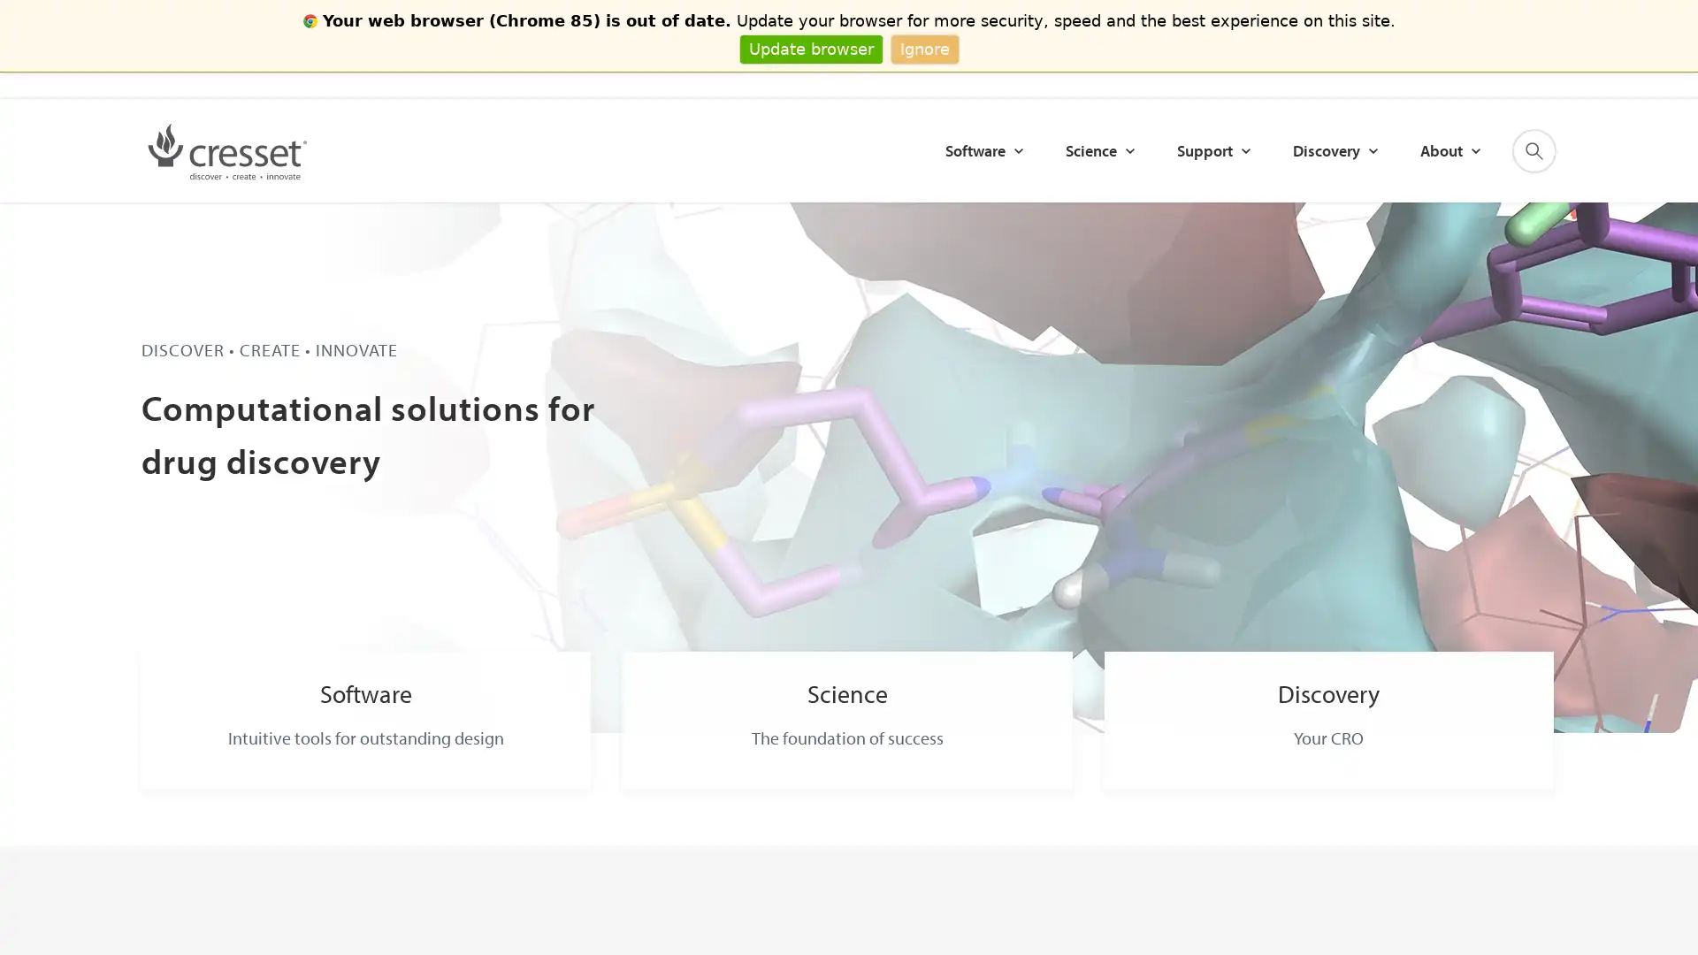 This screenshot has width=1698, height=955. Describe the element at coordinates (1403, 157) in the screenshot. I see `Press enter to search` at that location.